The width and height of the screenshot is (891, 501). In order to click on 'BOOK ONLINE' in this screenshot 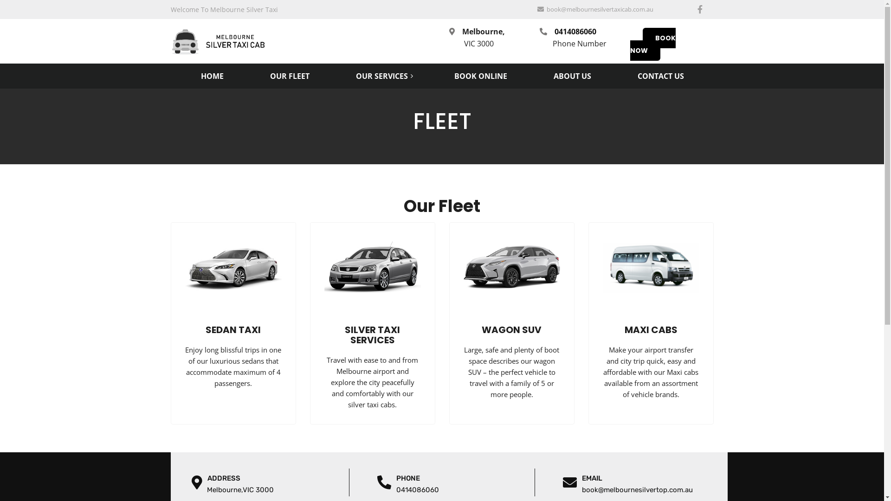, I will do `click(481, 74)`.